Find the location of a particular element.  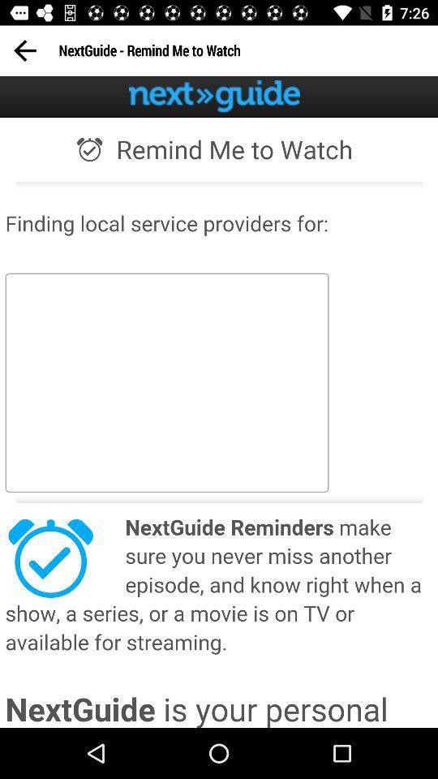

previous button is located at coordinates (24, 50).